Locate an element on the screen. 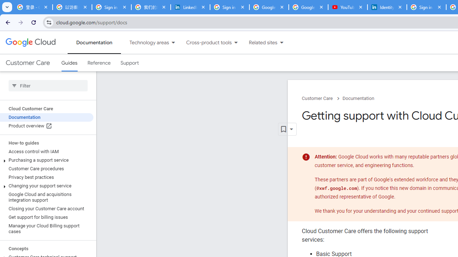  'Access control with IAM' is located at coordinates (46, 151).